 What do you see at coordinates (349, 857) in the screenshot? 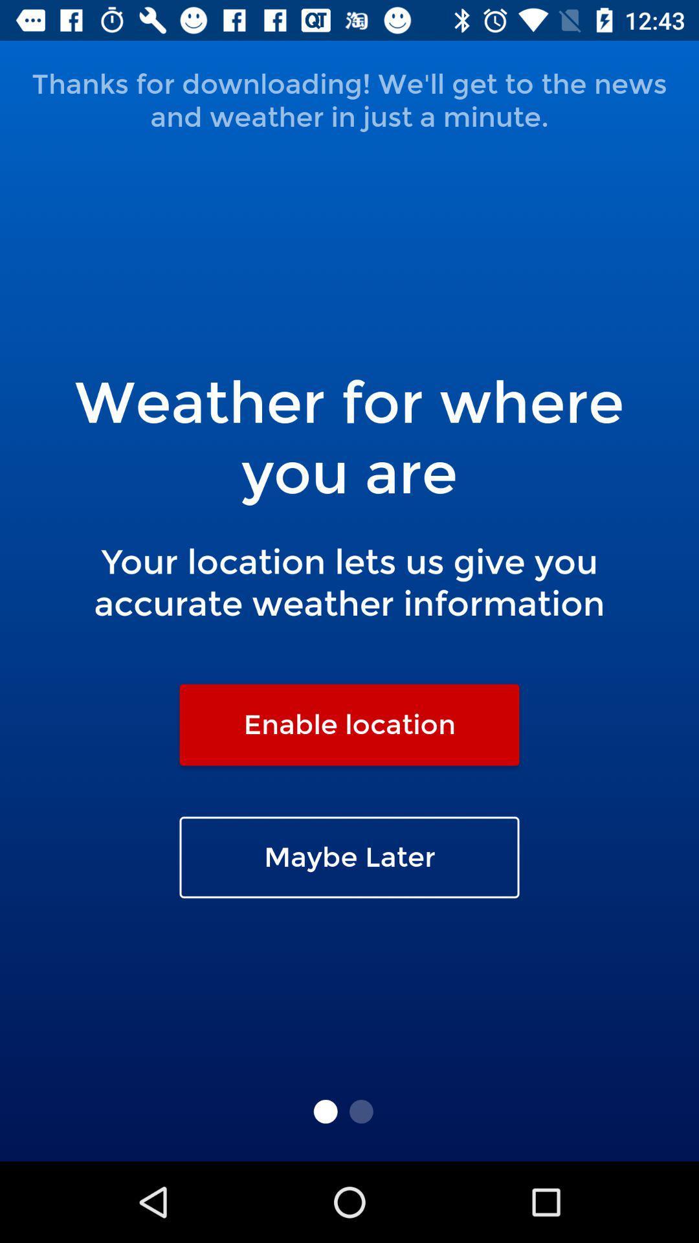
I see `maybe later icon` at bounding box center [349, 857].